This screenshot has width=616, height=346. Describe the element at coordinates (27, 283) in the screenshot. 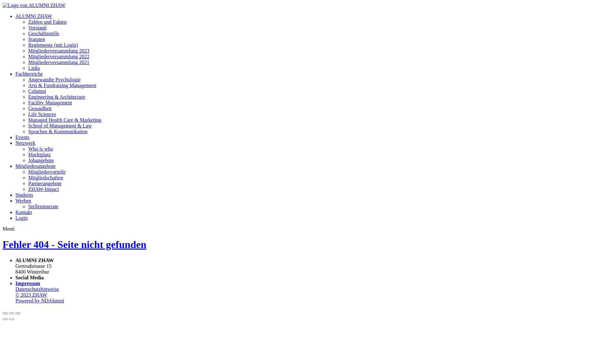

I see `'Impressum'` at that location.